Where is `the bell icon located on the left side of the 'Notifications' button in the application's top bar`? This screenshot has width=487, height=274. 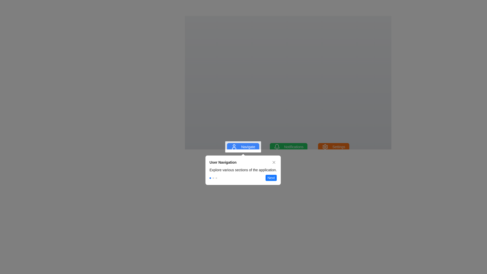
the bell icon located on the left side of the 'Notifications' button in the application's top bar is located at coordinates (277, 147).